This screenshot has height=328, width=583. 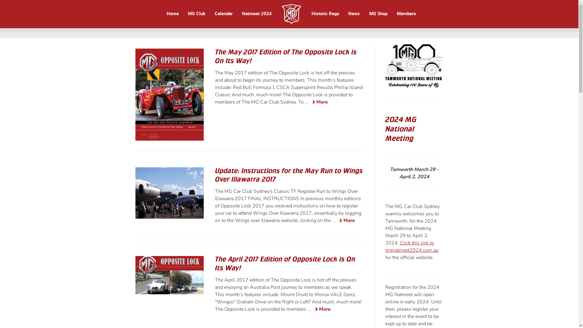 I want to click on 'Home', so click(x=172, y=13).